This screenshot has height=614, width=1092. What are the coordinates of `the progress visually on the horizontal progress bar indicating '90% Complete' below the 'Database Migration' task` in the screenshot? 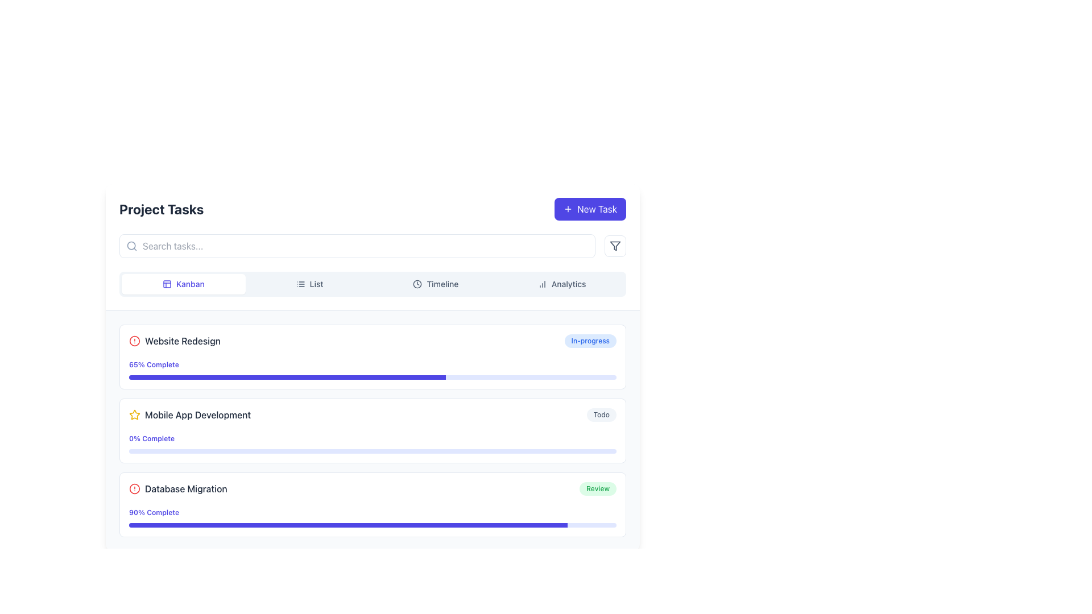 It's located at (373, 525).